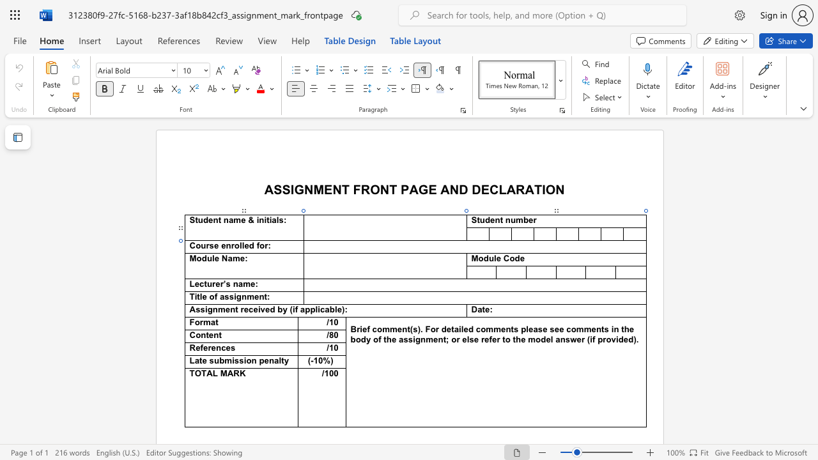 This screenshot has height=460, width=818. Describe the element at coordinates (263, 245) in the screenshot. I see `the space between the continuous character "o" and "r" in the text` at that location.